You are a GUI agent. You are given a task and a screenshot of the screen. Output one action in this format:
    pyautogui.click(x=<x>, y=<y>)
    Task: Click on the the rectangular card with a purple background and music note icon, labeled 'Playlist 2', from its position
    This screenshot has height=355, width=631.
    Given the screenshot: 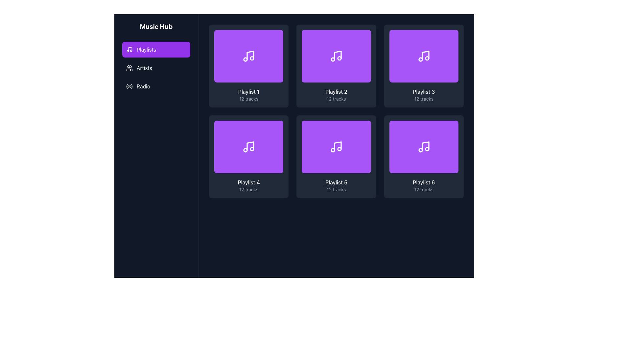 What is the action you would take?
    pyautogui.click(x=336, y=66)
    